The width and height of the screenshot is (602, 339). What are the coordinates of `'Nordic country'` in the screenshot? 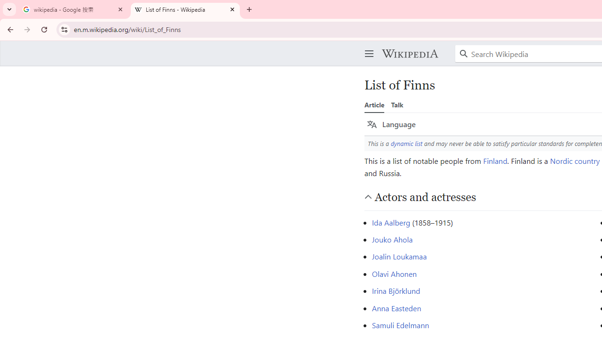 It's located at (574, 160).